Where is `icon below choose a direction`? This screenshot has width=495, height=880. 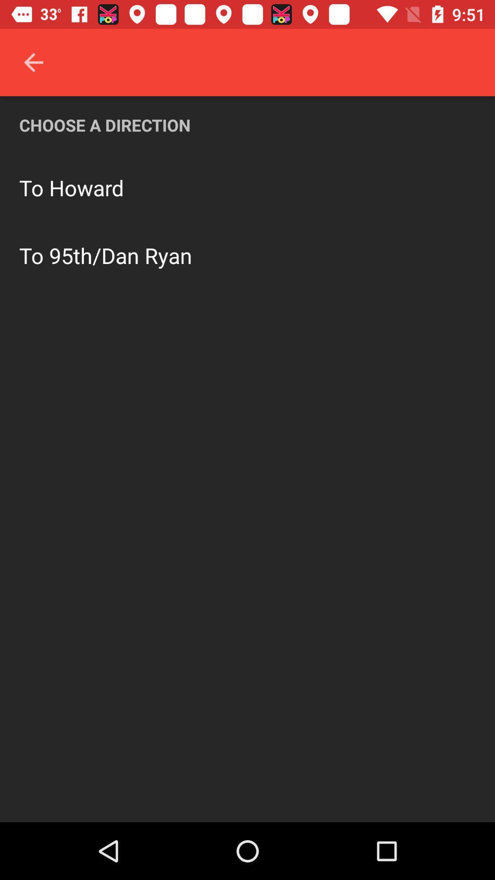
icon below choose a direction is located at coordinates (87, 187).